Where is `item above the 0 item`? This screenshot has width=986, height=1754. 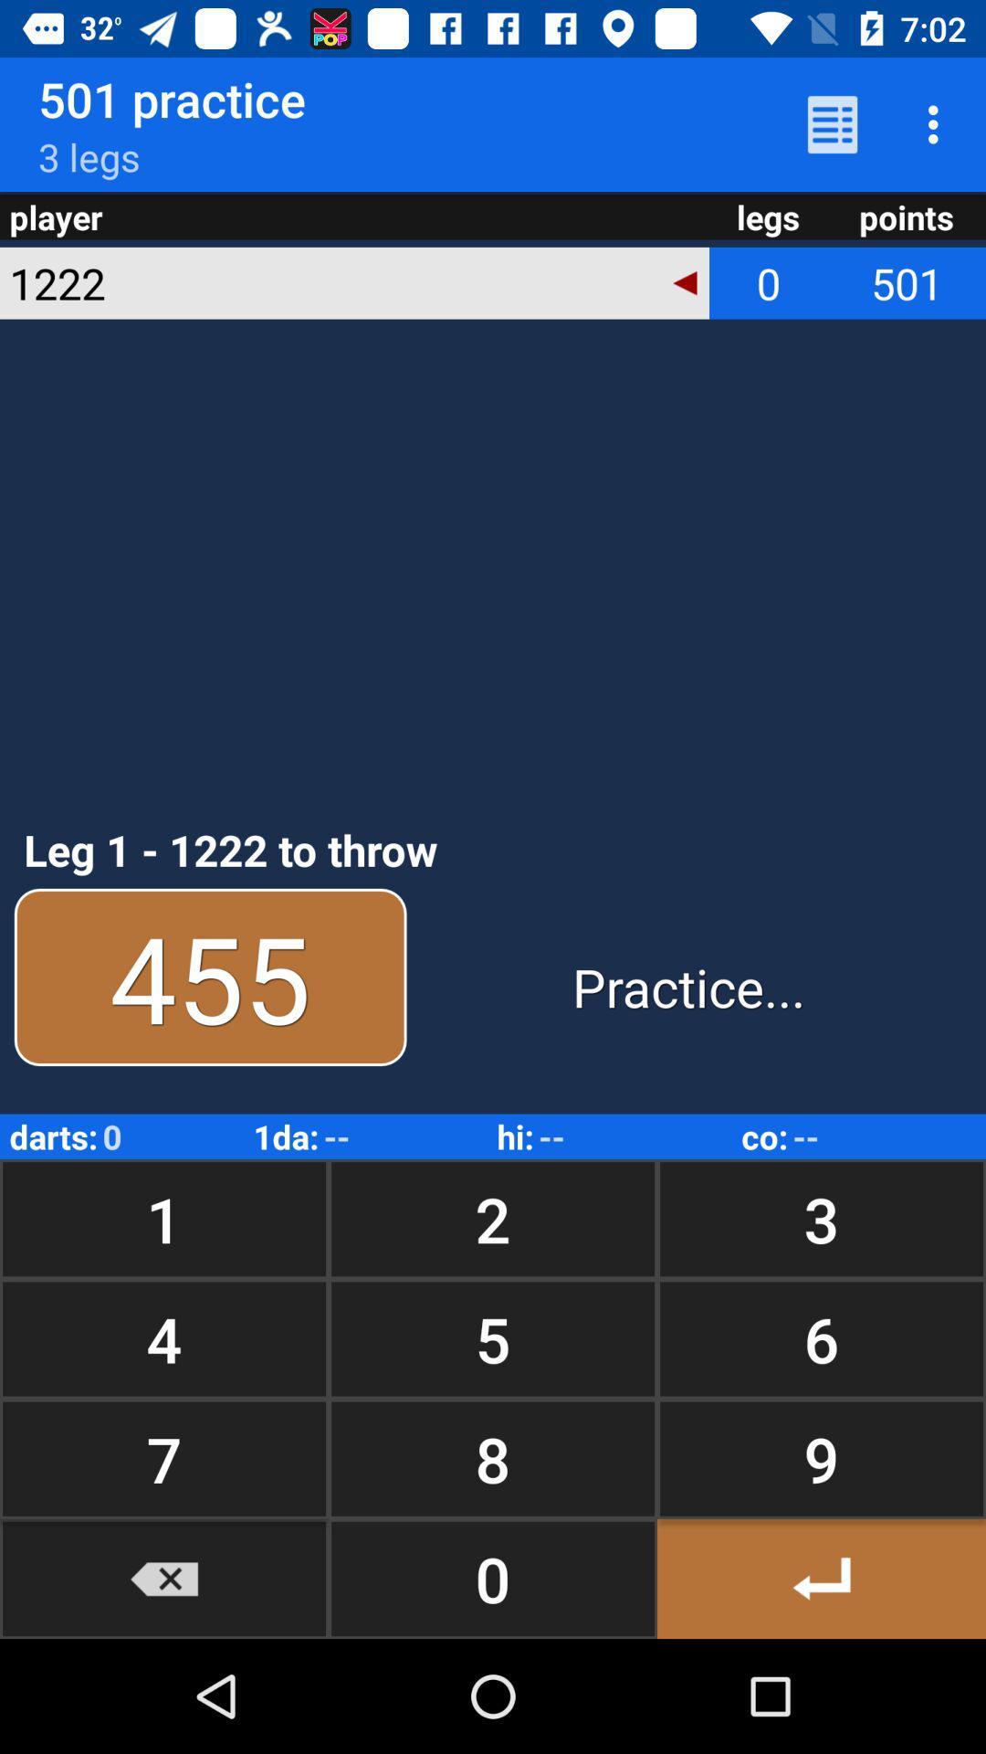
item above the 0 item is located at coordinates (820, 1458).